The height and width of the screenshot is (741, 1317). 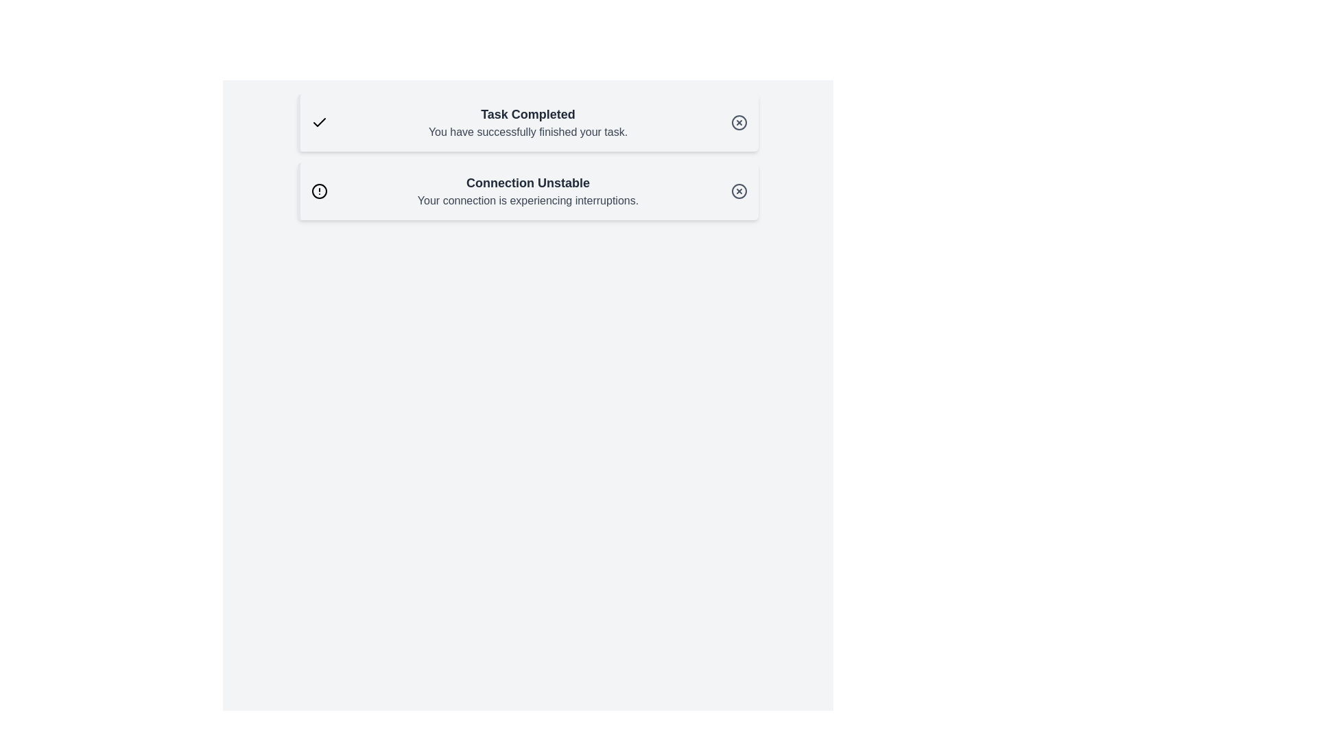 I want to click on the bold text element displaying 'Connection Unstable', which is prominently located in the center of the page on a white background, so click(x=527, y=182).